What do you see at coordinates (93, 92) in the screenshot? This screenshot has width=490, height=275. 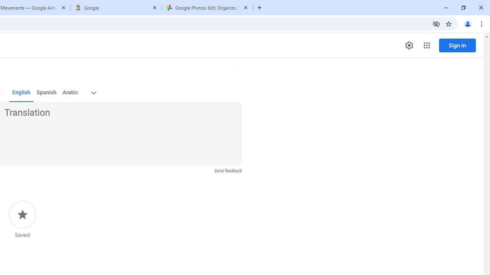 I see `'More target languages'` at bounding box center [93, 92].